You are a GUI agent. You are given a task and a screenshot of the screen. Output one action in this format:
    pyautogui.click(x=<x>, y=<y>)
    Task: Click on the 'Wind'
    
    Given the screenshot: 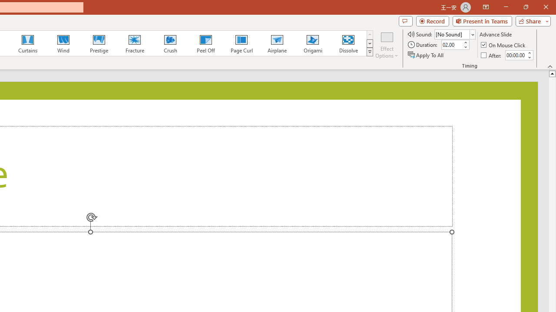 What is the action you would take?
    pyautogui.click(x=63, y=43)
    